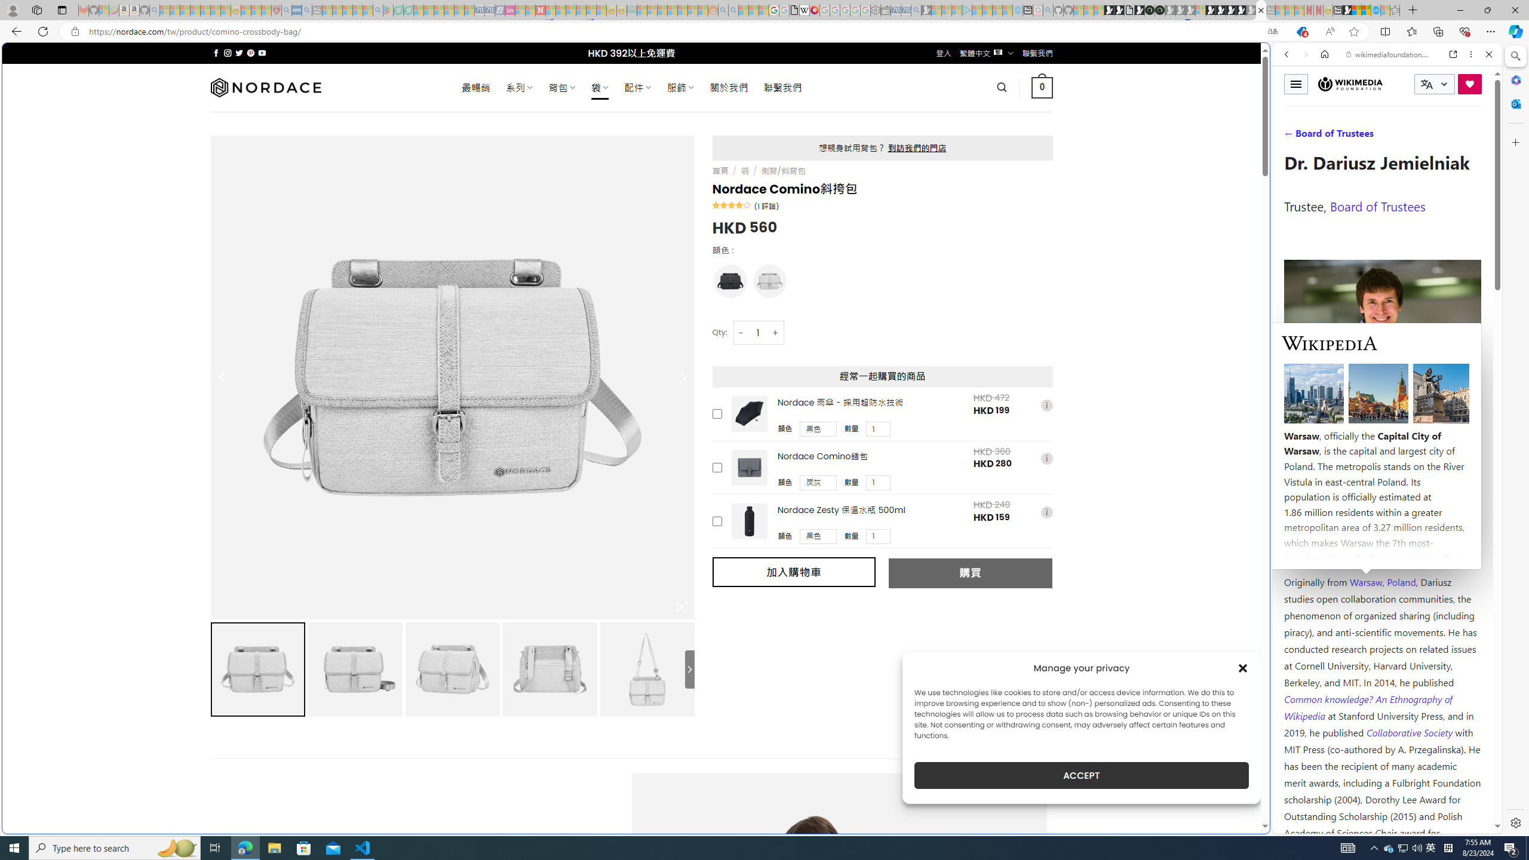 Image resolution: width=1529 pixels, height=860 pixels. What do you see at coordinates (1273, 32) in the screenshot?
I see `'Show translate options'` at bounding box center [1273, 32].